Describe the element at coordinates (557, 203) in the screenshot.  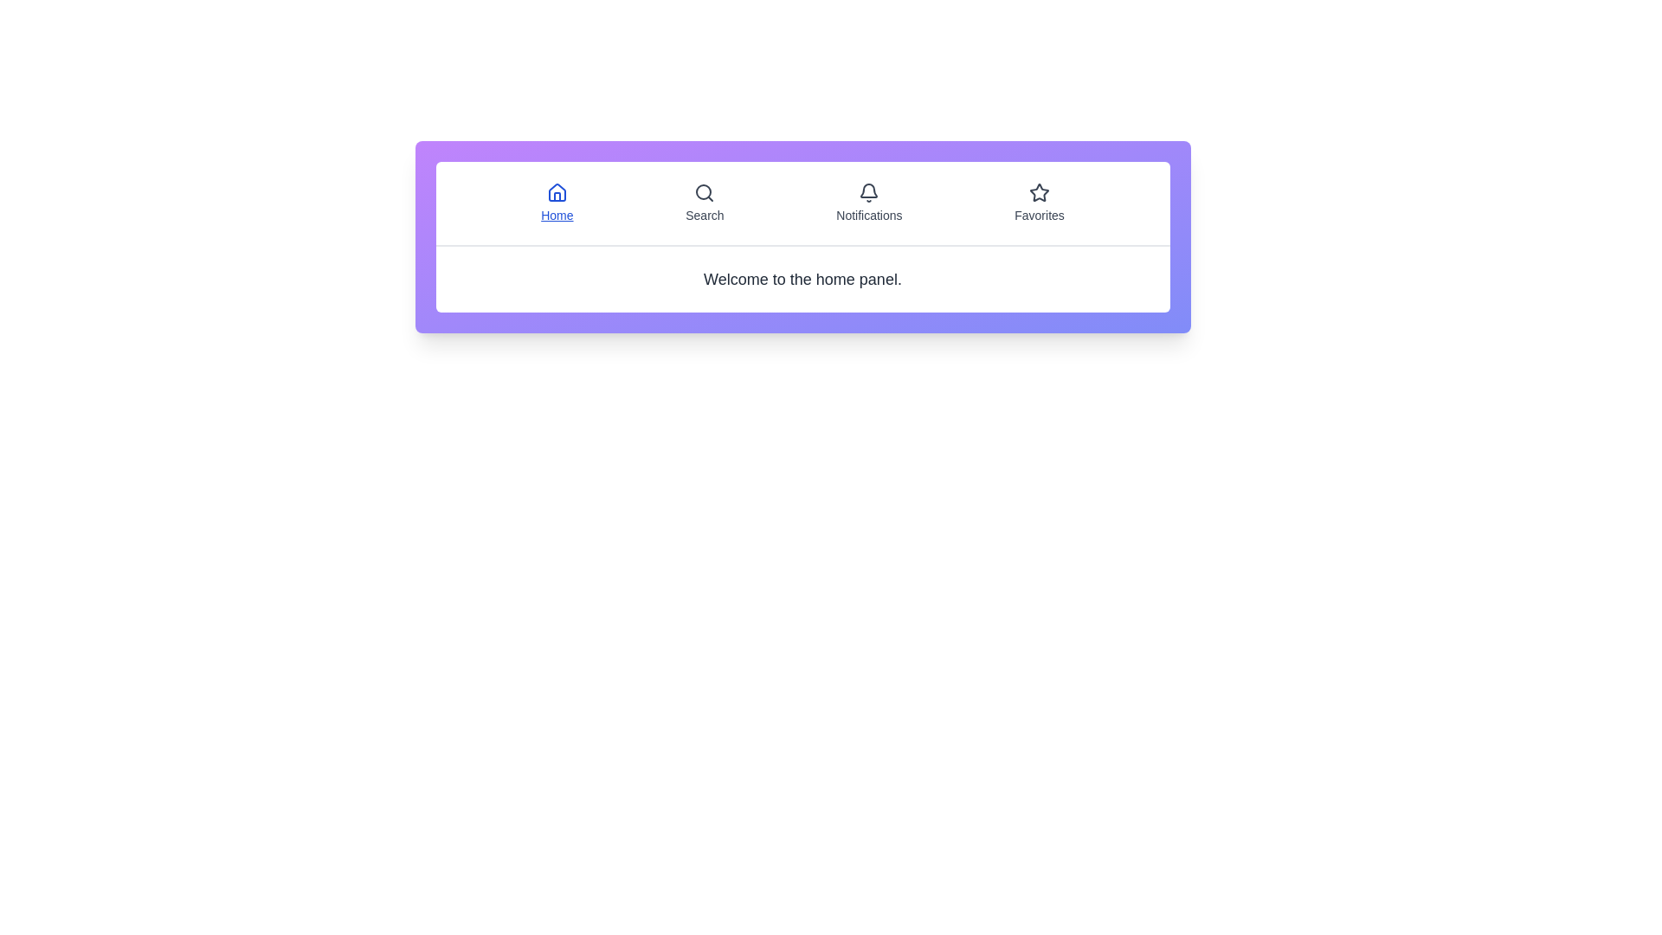
I see `the tab labeled Home` at that location.